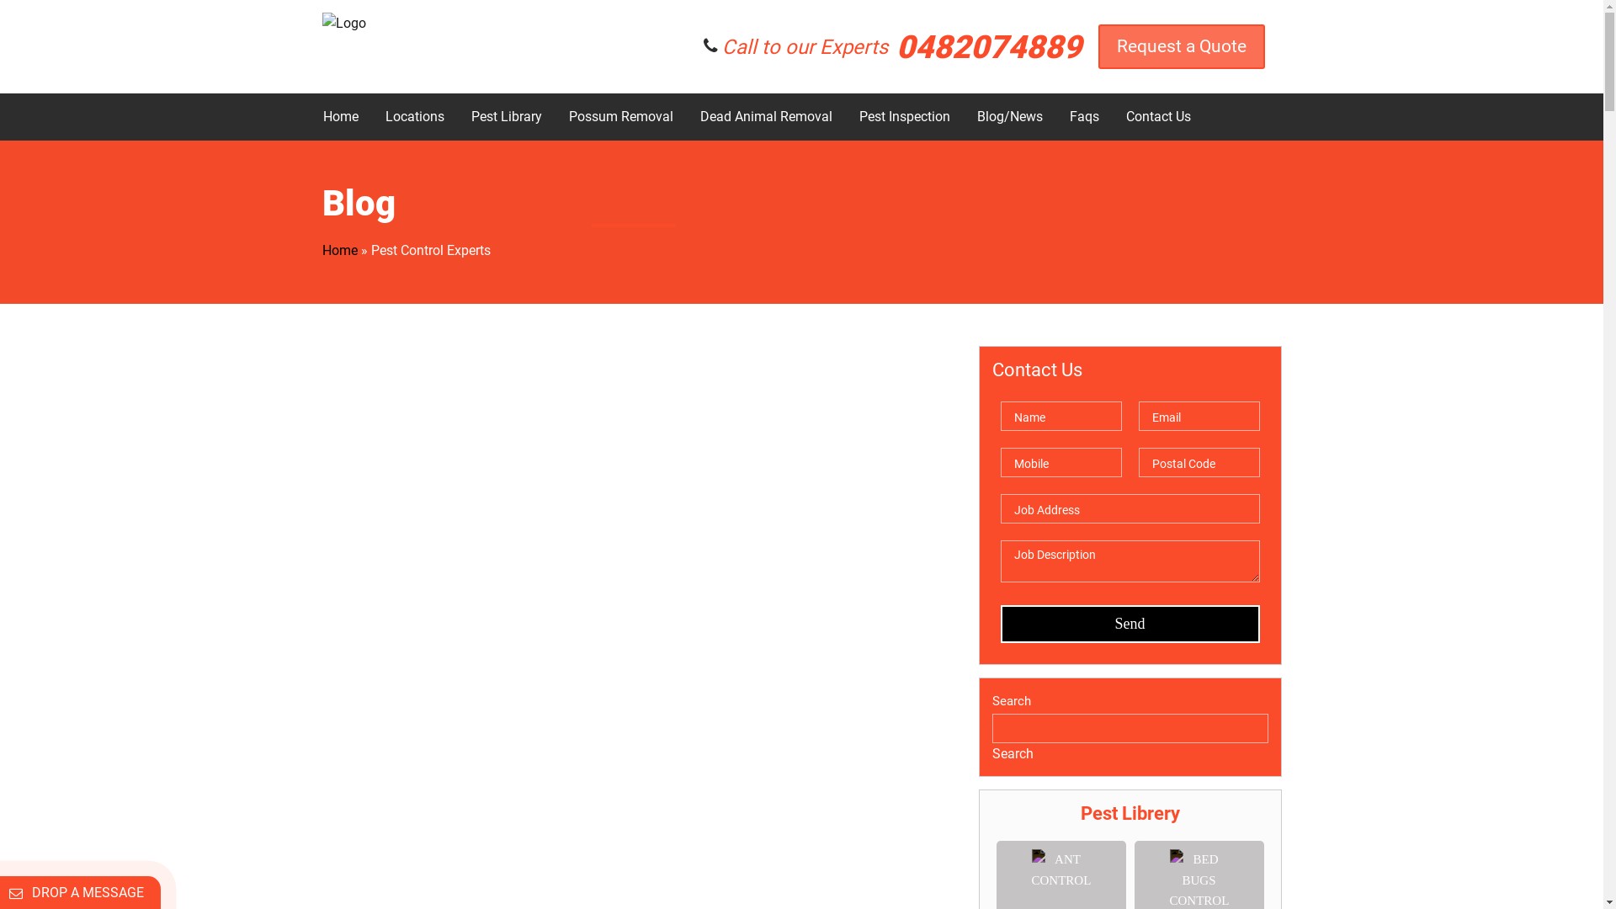  What do you see at coordinates (901, 45) in the screenshot?
I see `'Call to our Experts` at bounding box center [901, 45].